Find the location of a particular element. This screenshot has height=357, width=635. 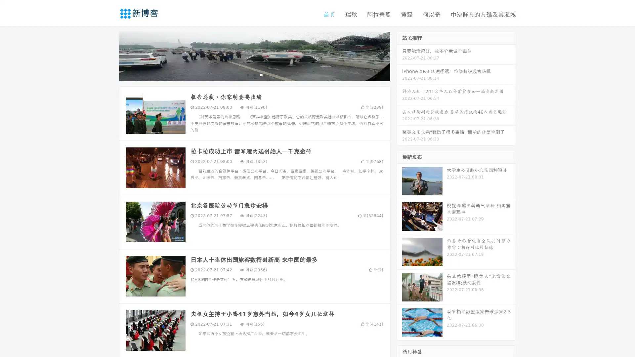

Next slide is located at coordinates (400, 56).